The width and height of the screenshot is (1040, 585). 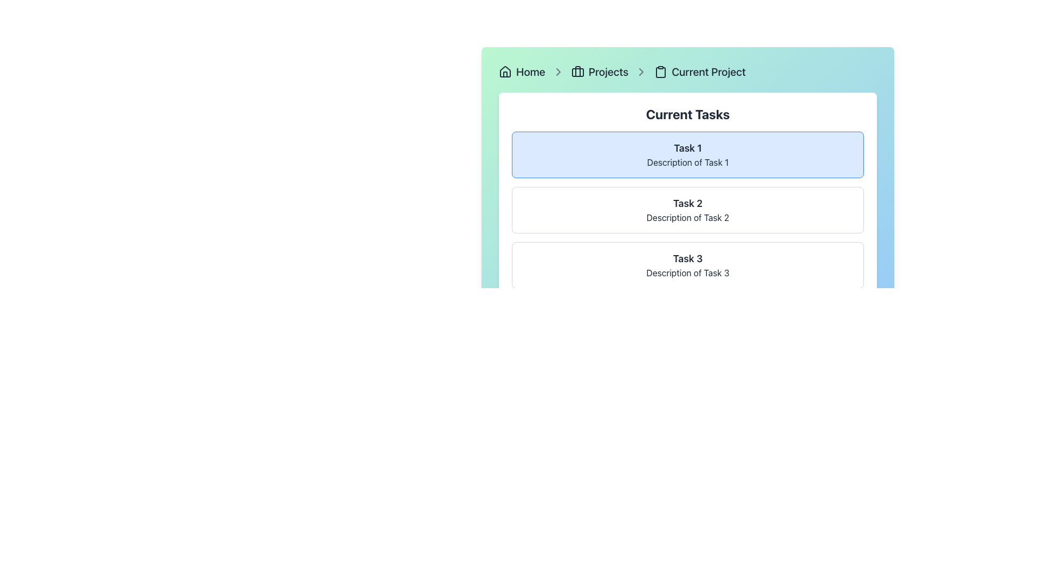 What do you see at coordinates (641, 71) in the screenshot?
I see `the visual context of the arrowhead-shaped Vector Graphic Icon located in the breadcrumb navigation bar between 'Projects' and 'Current Project'` at bounding box center [641, 71].